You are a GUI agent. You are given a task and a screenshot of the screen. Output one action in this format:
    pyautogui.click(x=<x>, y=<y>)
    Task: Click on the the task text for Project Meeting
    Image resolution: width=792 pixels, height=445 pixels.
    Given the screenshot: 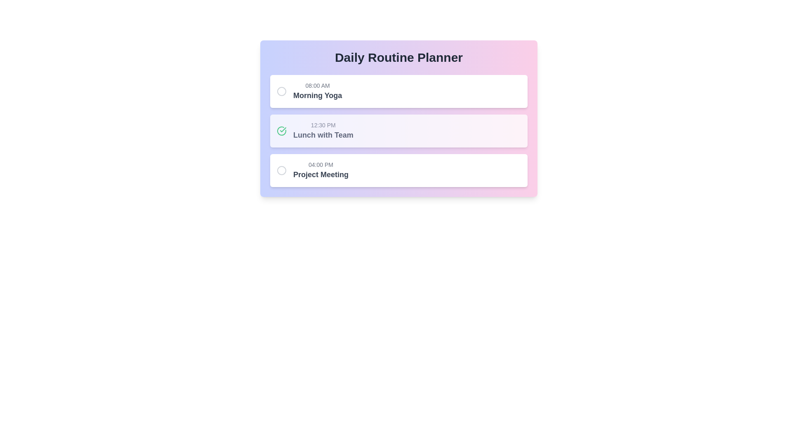 What is the action you would take?
    pyautogui.click(x=320, y=170)
    